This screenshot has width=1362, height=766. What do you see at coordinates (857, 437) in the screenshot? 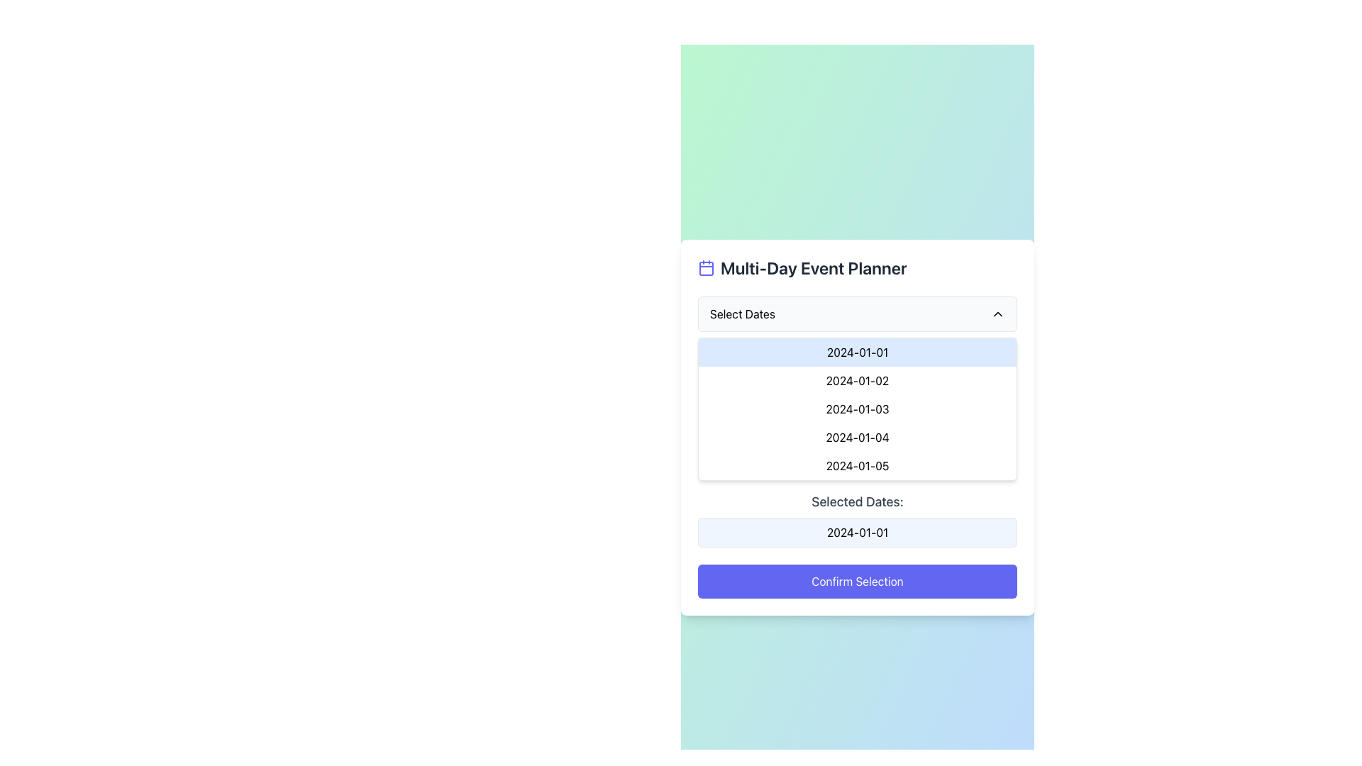
I see `the fourth date option '2024-01-04' in the dropdown list located under the 'Select Dates' menu` at bounding box center [857, 437].